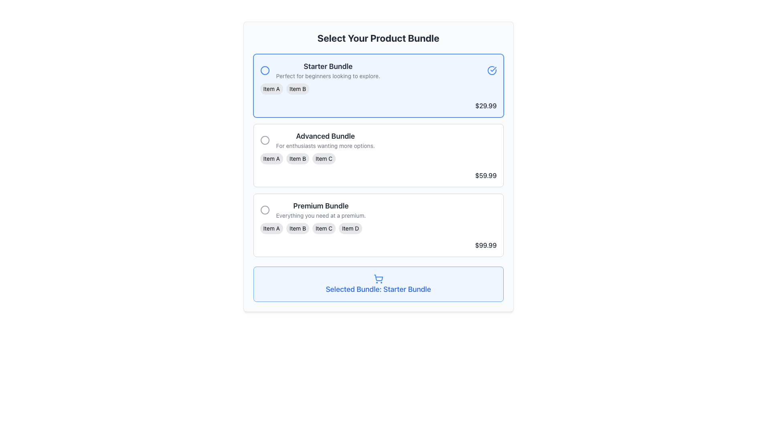  What do you see at coordinates (265, 210) in the screenshot?
I see `the Icon or SVG graphic representing the 'Premium Bundle' option, which indicates selection or status` at bounding box center [265, 210].